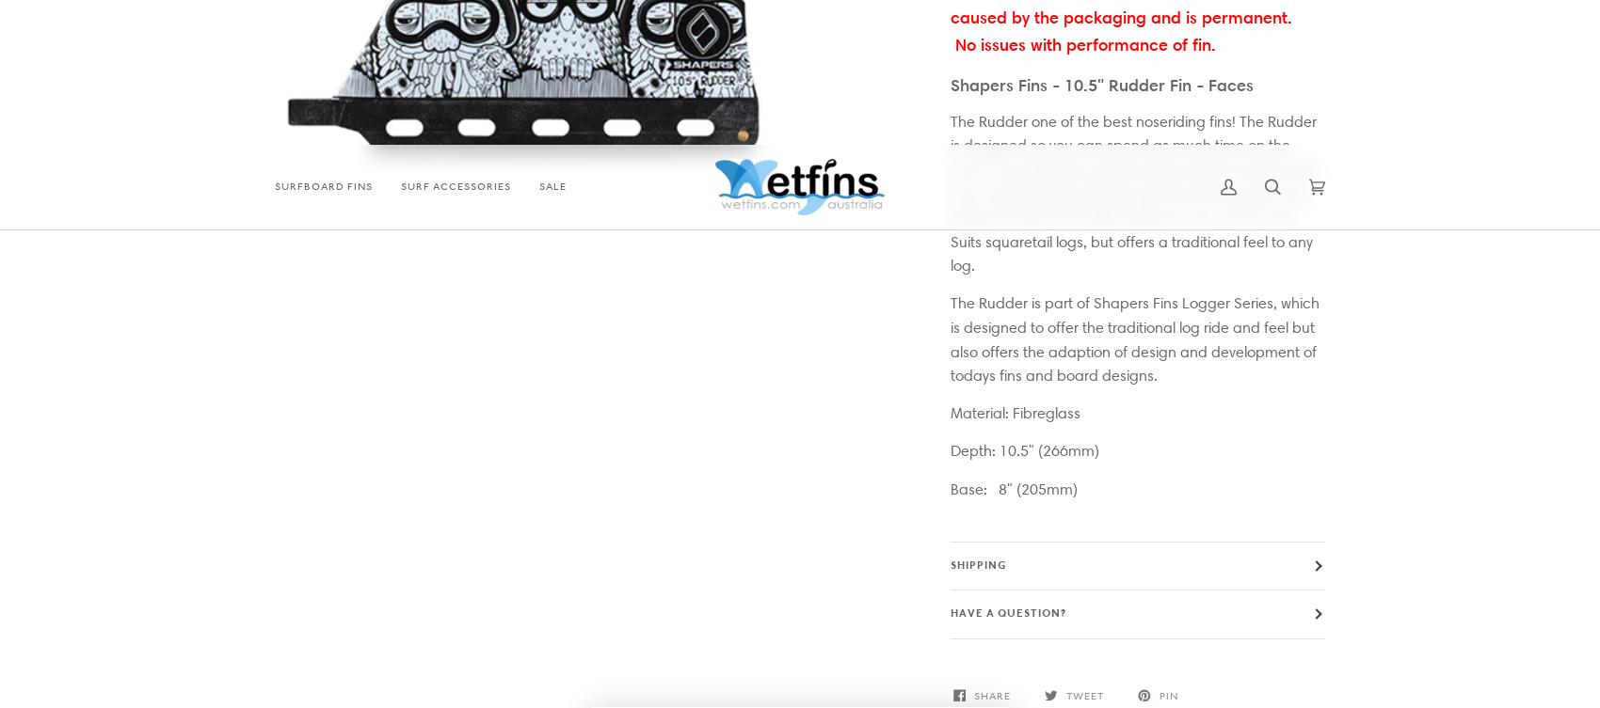 The image size is (1600, 708). Describe the element at coordinates (323, 367) in the screenshot. I see `'Surf Accessories'` at that location.